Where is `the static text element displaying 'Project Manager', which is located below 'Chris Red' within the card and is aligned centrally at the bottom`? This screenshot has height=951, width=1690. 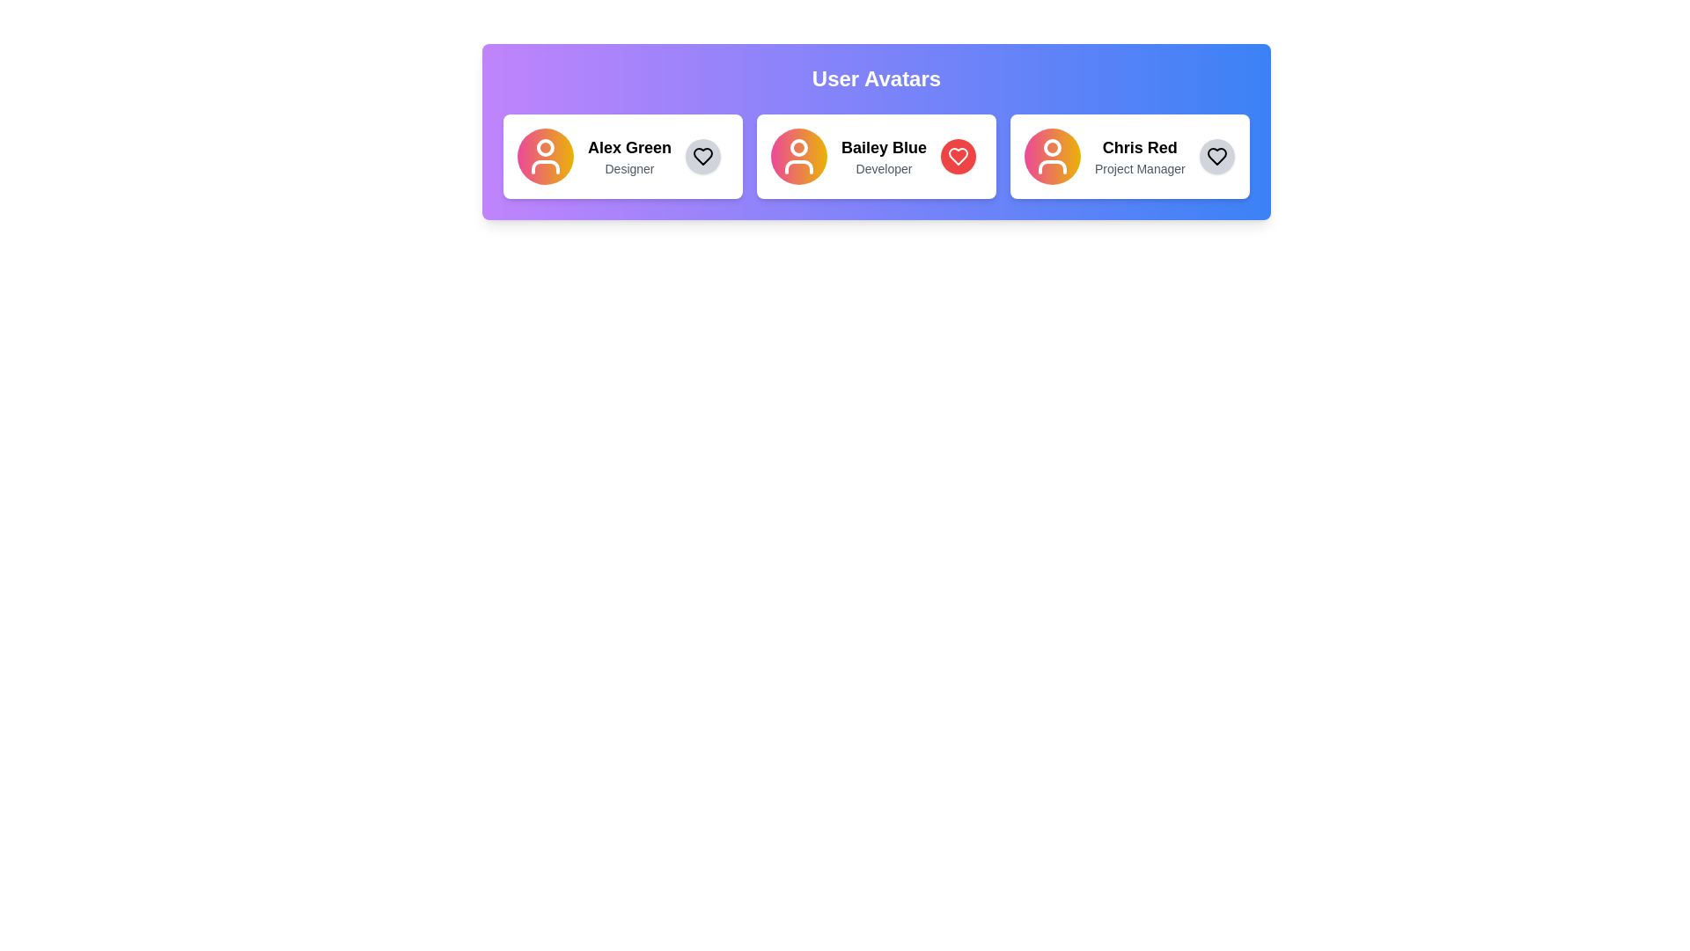 the static text element displaying 'Project Manager', which is located below 'Chris Red' within the card and is aligned centrally at the bottom is located at coordinates (1140, 169).